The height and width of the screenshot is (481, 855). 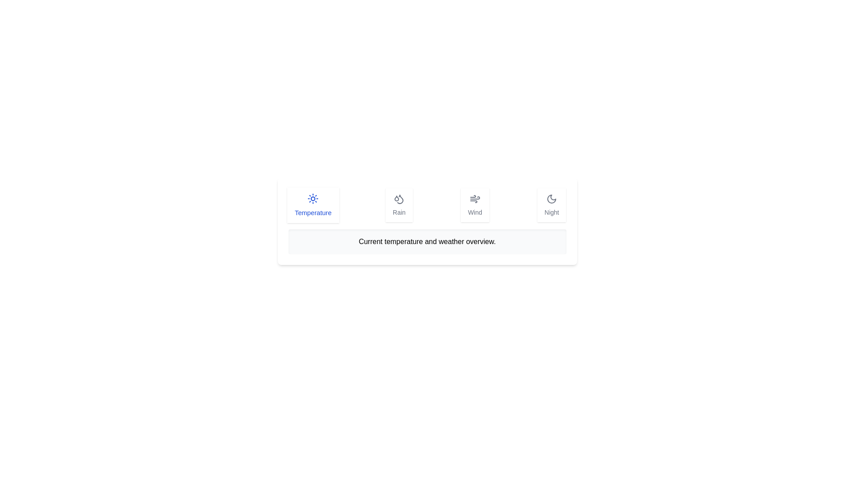 I want to click on the wind icon located in the third section labeled 'Wind', which is centered above its text label, so click(x=474, y=199).